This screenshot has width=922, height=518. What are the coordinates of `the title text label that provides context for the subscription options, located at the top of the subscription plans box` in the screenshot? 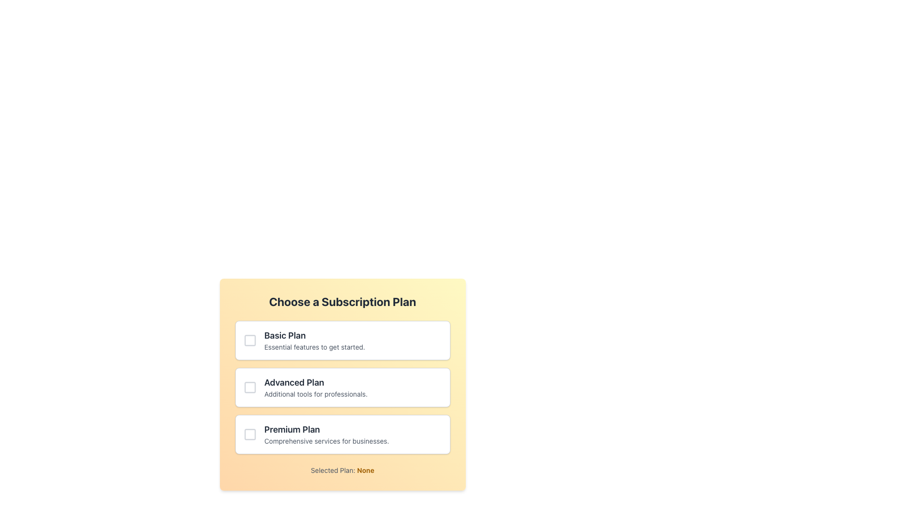 It's located at (342, 301).